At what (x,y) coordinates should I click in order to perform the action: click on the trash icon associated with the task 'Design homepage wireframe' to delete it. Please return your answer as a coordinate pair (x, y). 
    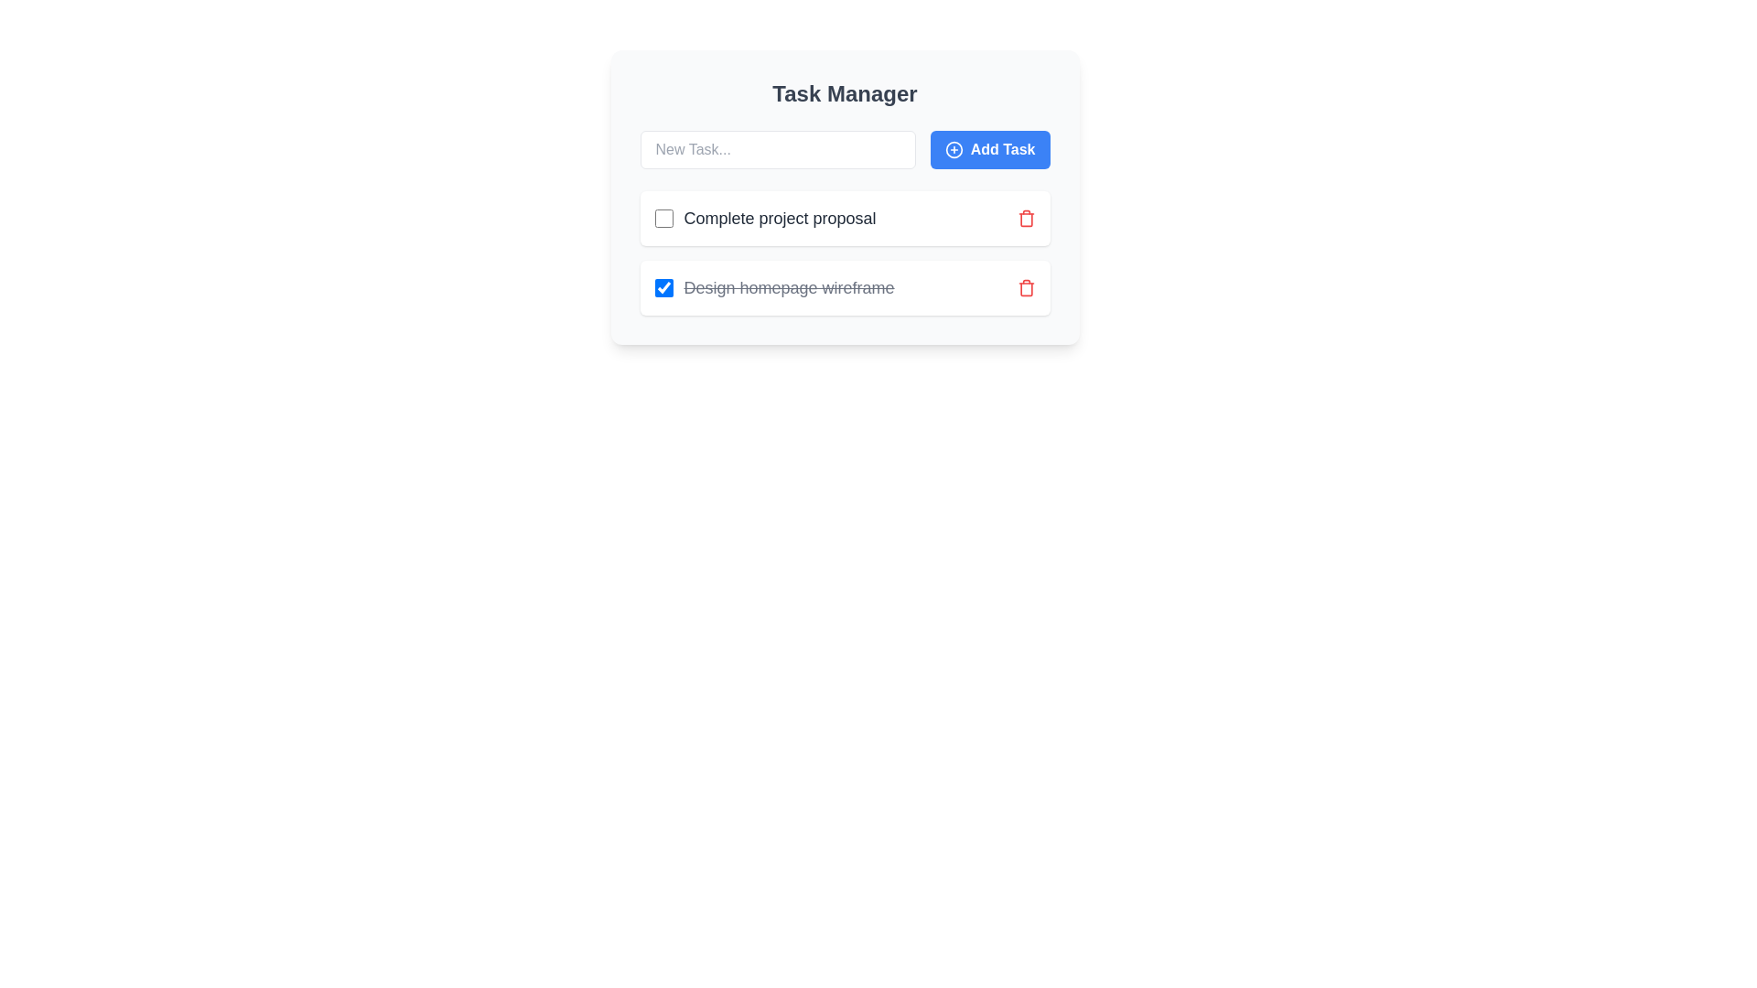
    Looking at the image, I should click on (1026, 288).